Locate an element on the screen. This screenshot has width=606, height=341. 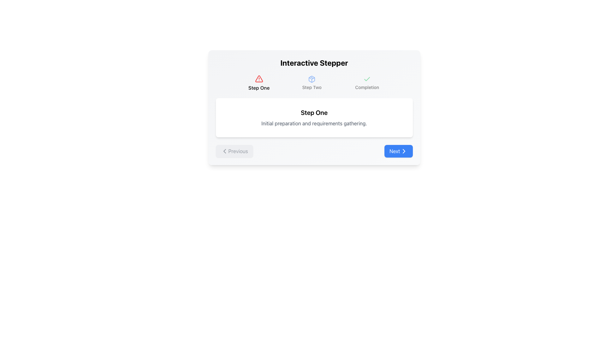
the static step indicator representing the second step in the stepper interface is located at coordinates (312, 82).